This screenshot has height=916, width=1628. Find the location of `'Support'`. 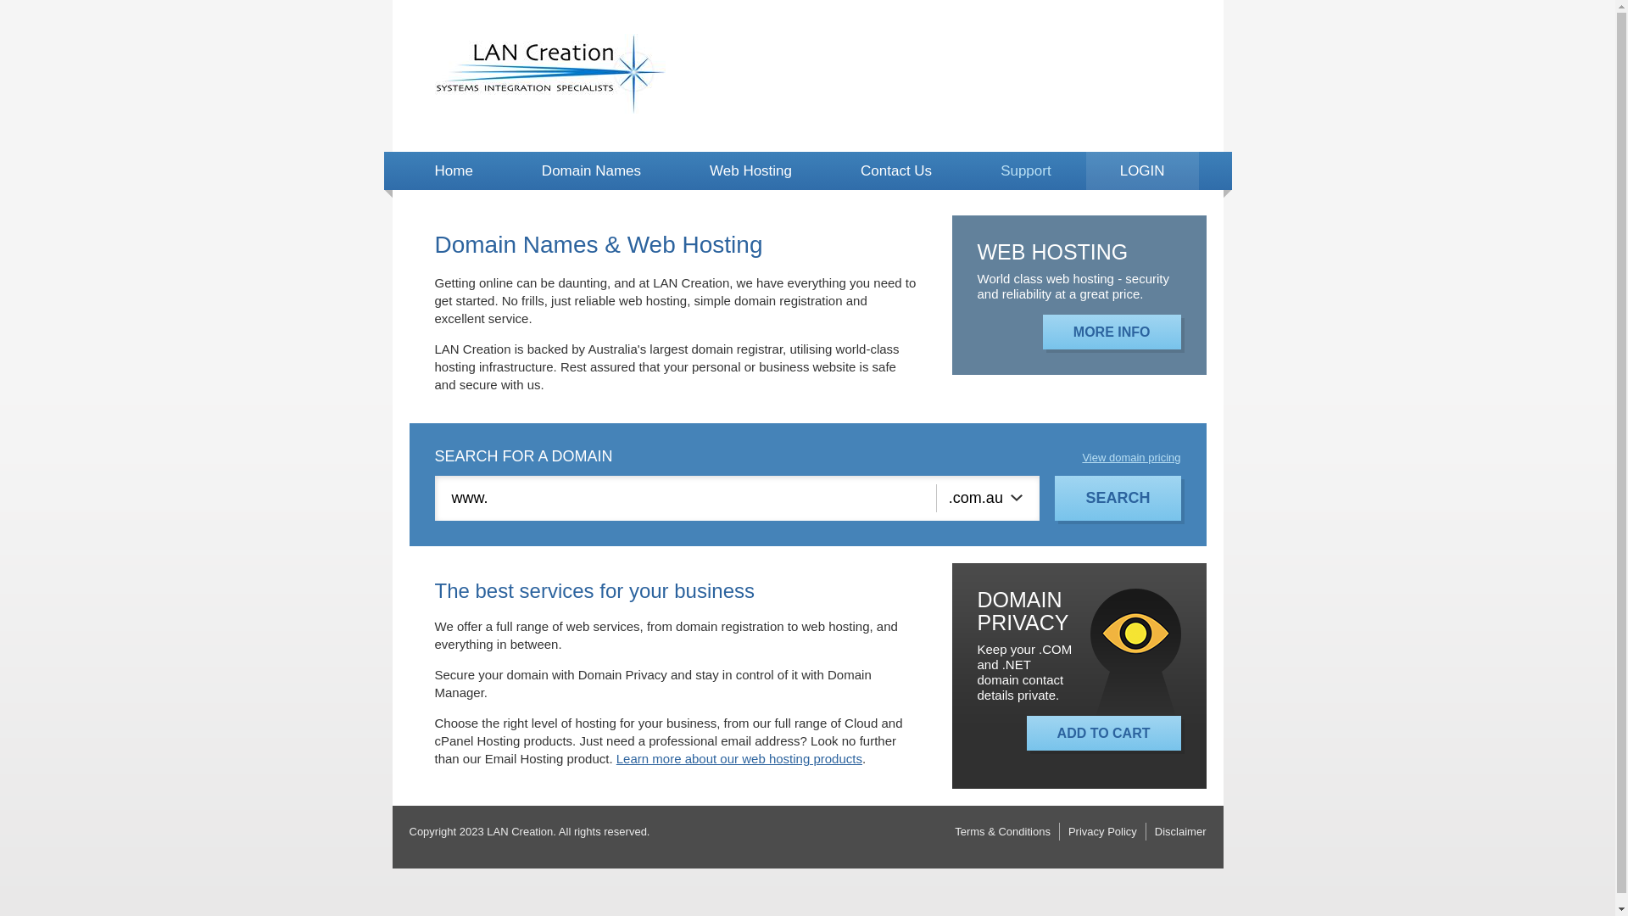

'Support' is located at coordinates (1024, 170).